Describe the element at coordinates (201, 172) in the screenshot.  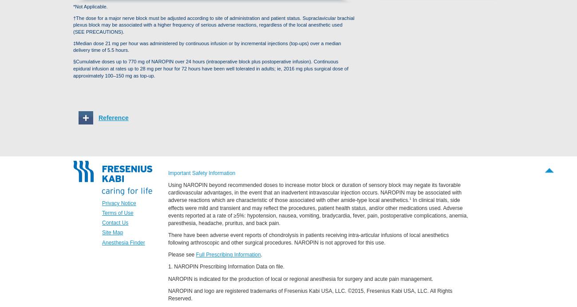
I see `'Important Safety Information'` at that location.